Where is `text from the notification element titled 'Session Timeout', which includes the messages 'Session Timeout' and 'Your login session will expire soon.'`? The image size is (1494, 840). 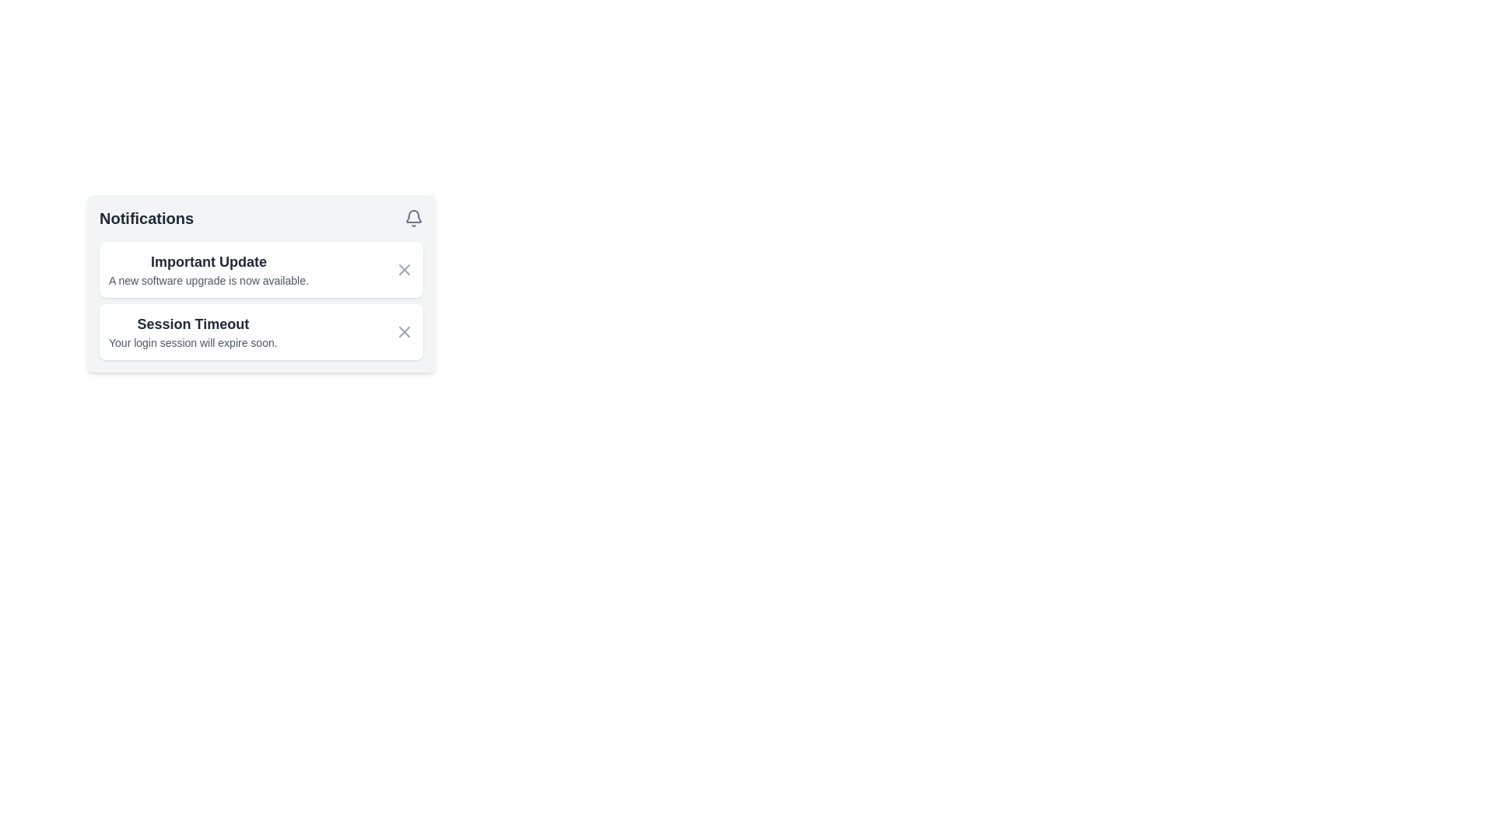 text from the notification element titled 'Session Timeout', which includes the messages 'Session Timeout' and 'Your login session will expire soon.' is located at coordinates (192, 331).